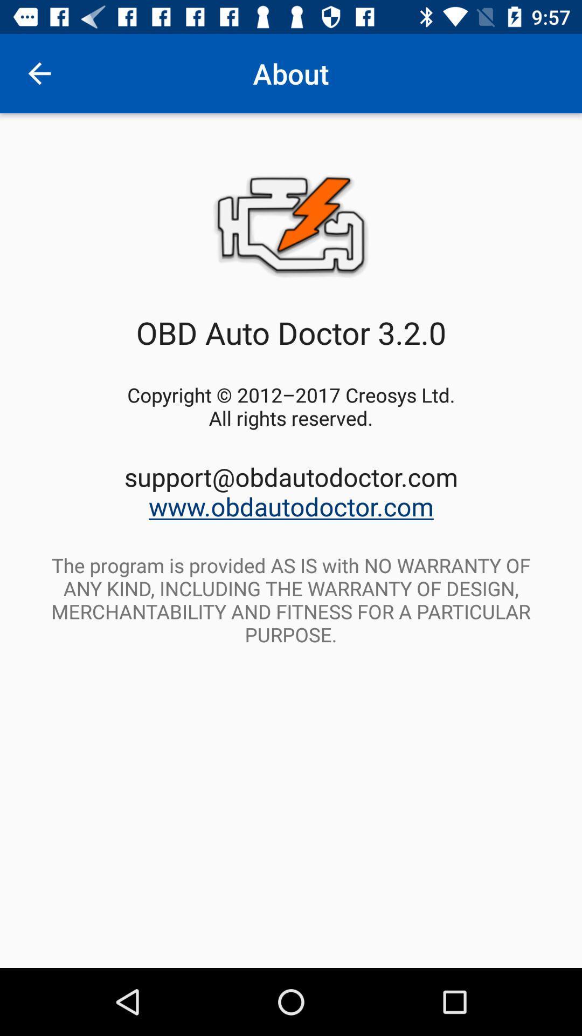  Describe the element at coordinates (39, 73) in the screenshot. I see `the item to the left of about icon` at that location.